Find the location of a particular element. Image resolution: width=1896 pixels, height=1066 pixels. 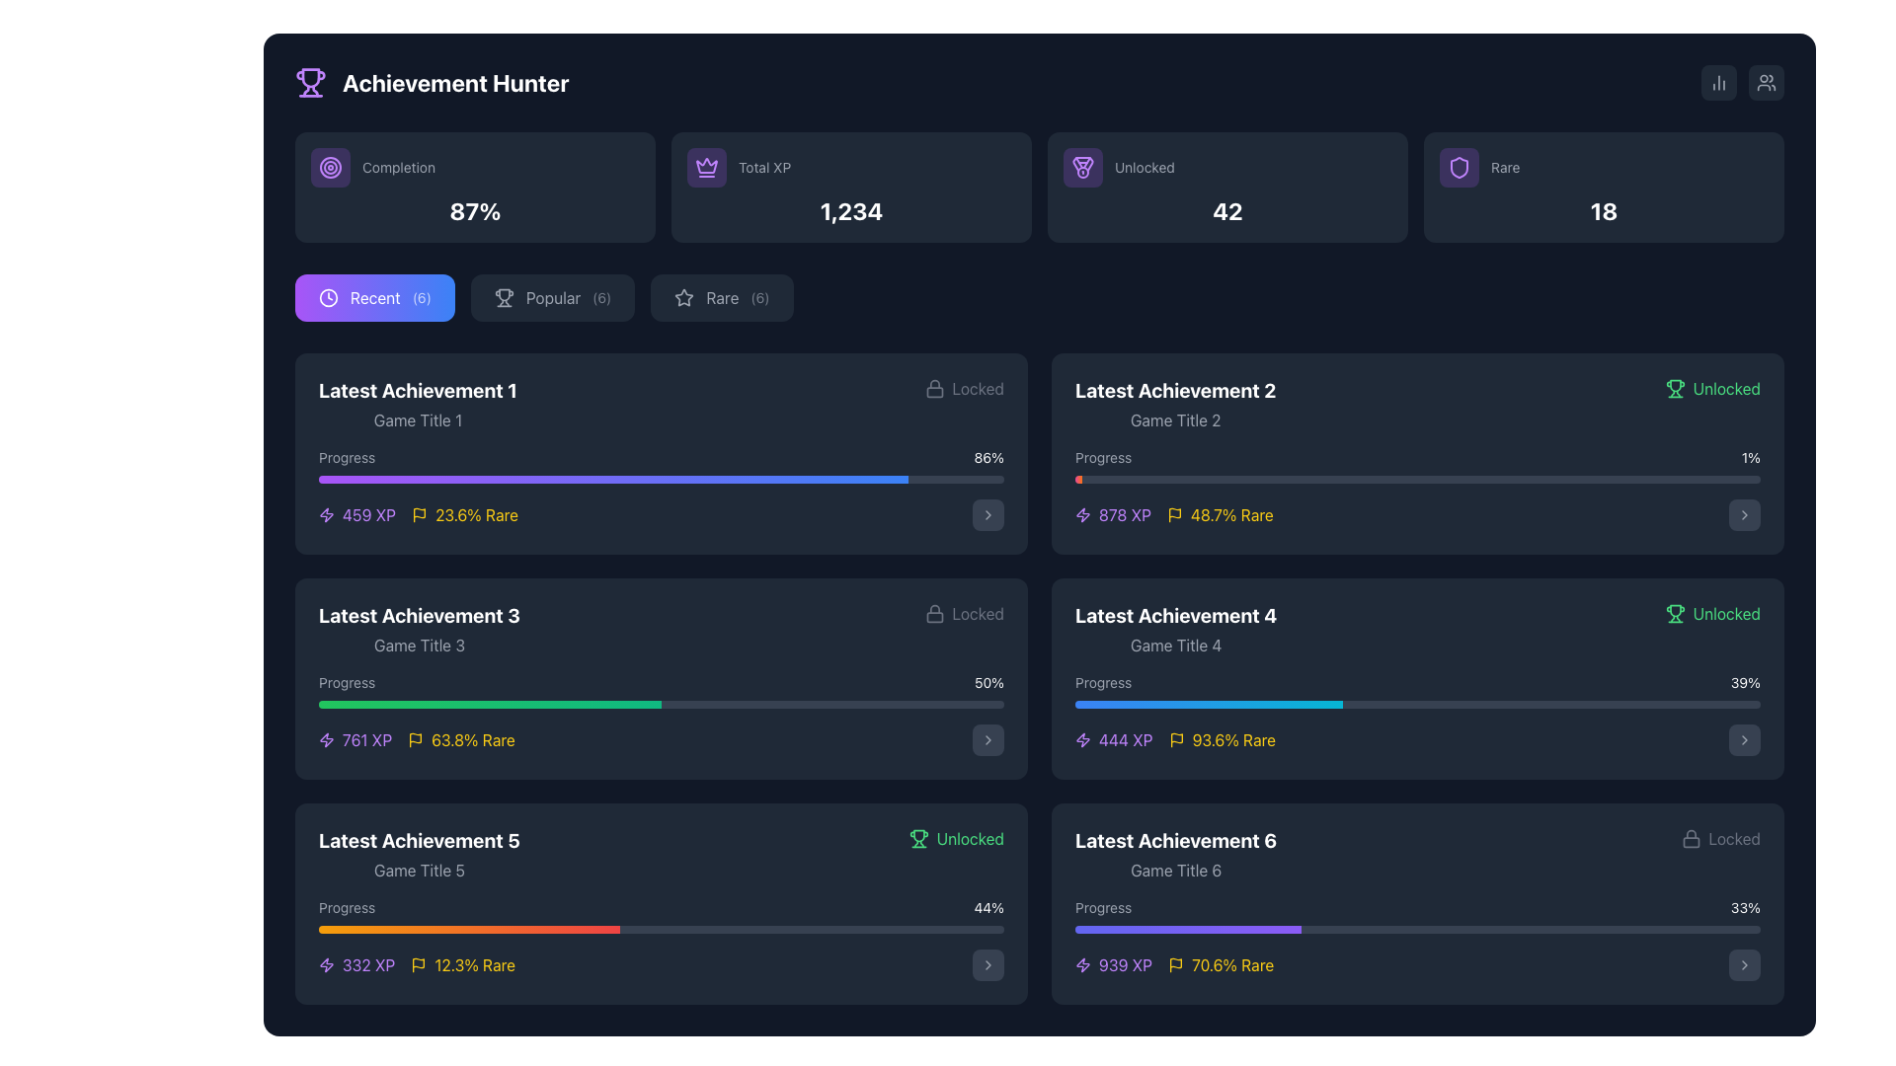

the static text element displaying experience points (XP) earned for the achievement located to the left of the '23.6% Rare' label in the 'Latest Achievement 1' section is located at coordinates (357, 513).